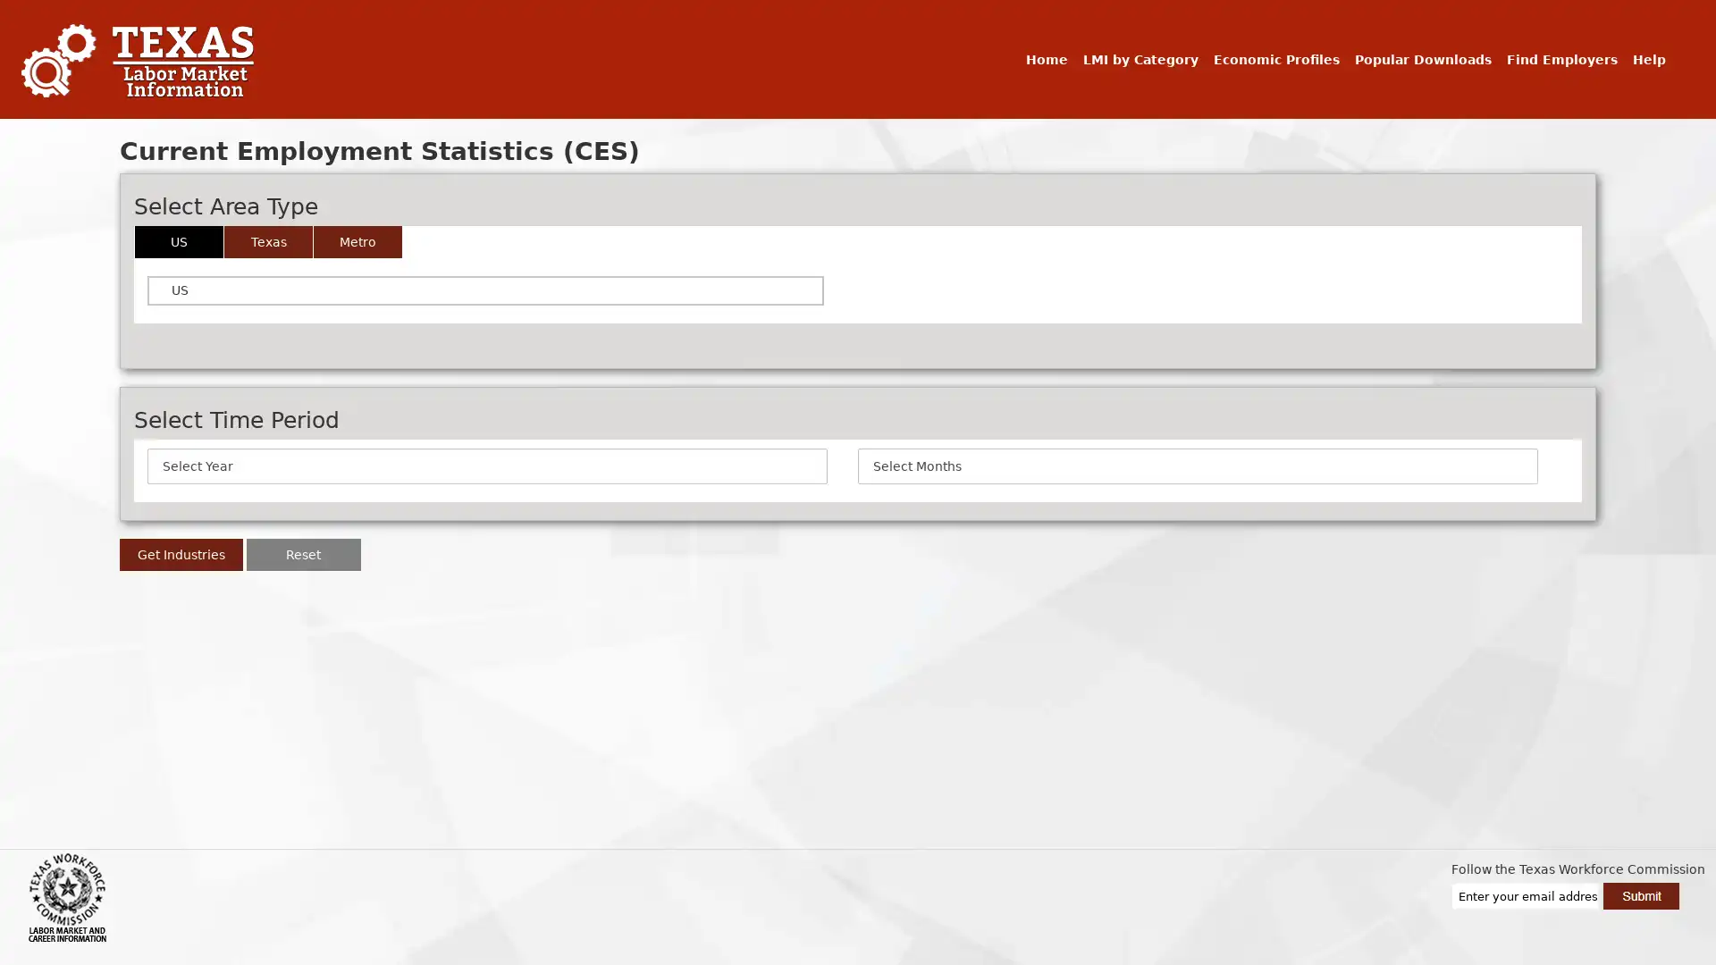 This screenshot has width=1716, height=965. What do you see at coordinates (303, 554) in the screenshot?
I see `Reset` at bounding box center [303, 554].